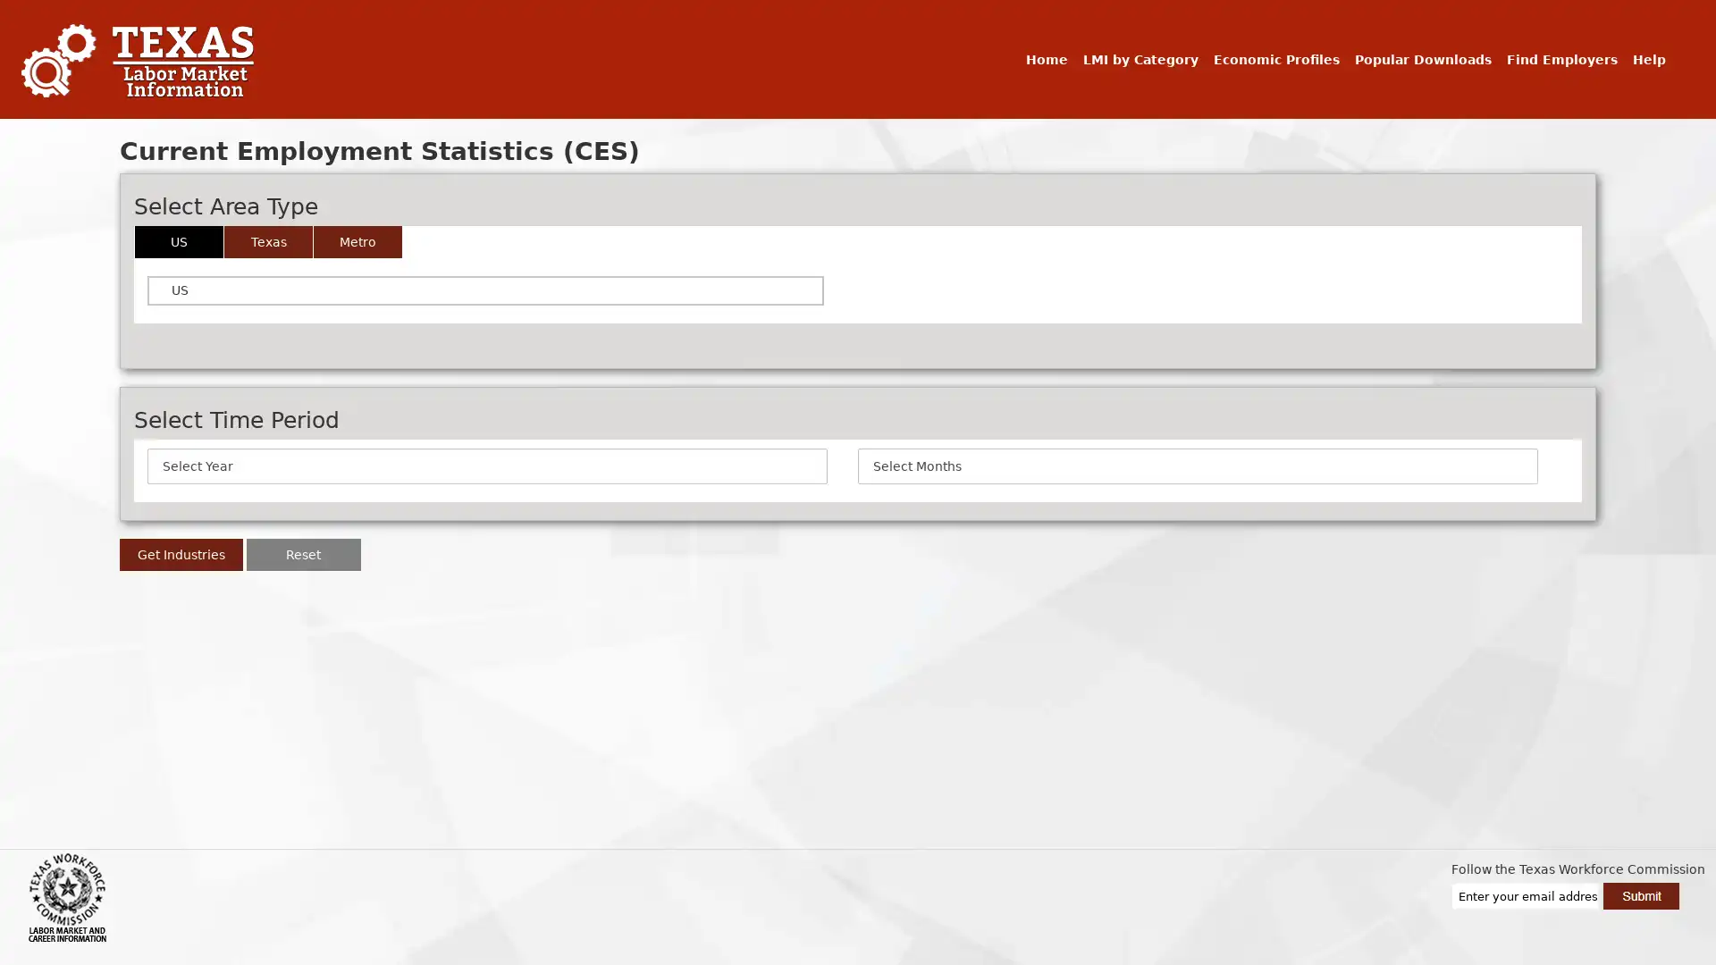 This screenshot has width=1716, height=965. What do you see at coordinates (303, 554) in the screenshot?
I see `Reset` at bounding box center [303, 554].